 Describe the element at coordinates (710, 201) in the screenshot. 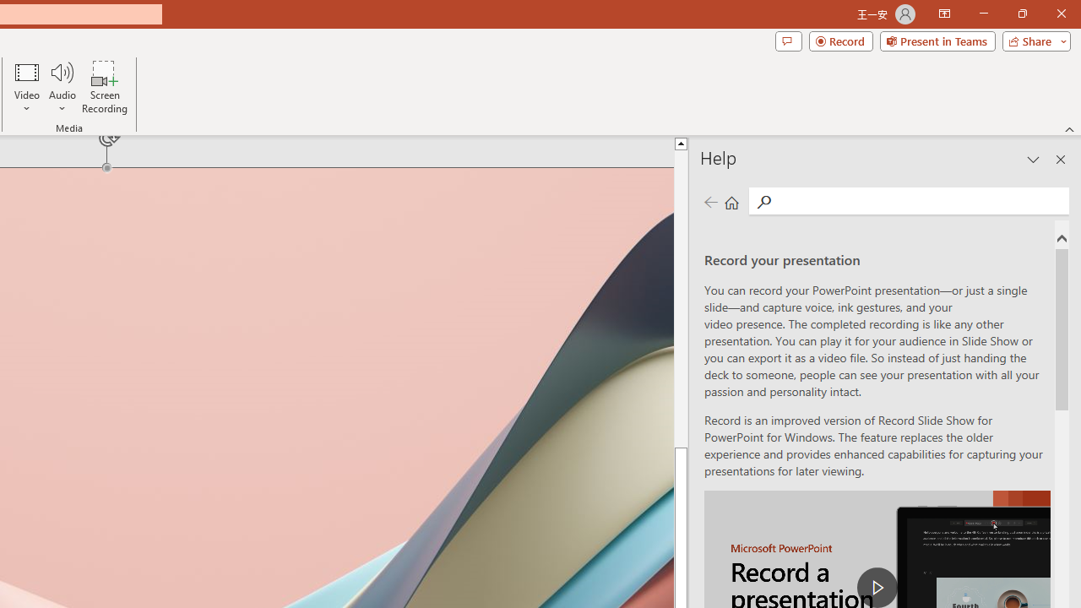

I see `'Previous page'` at that location.